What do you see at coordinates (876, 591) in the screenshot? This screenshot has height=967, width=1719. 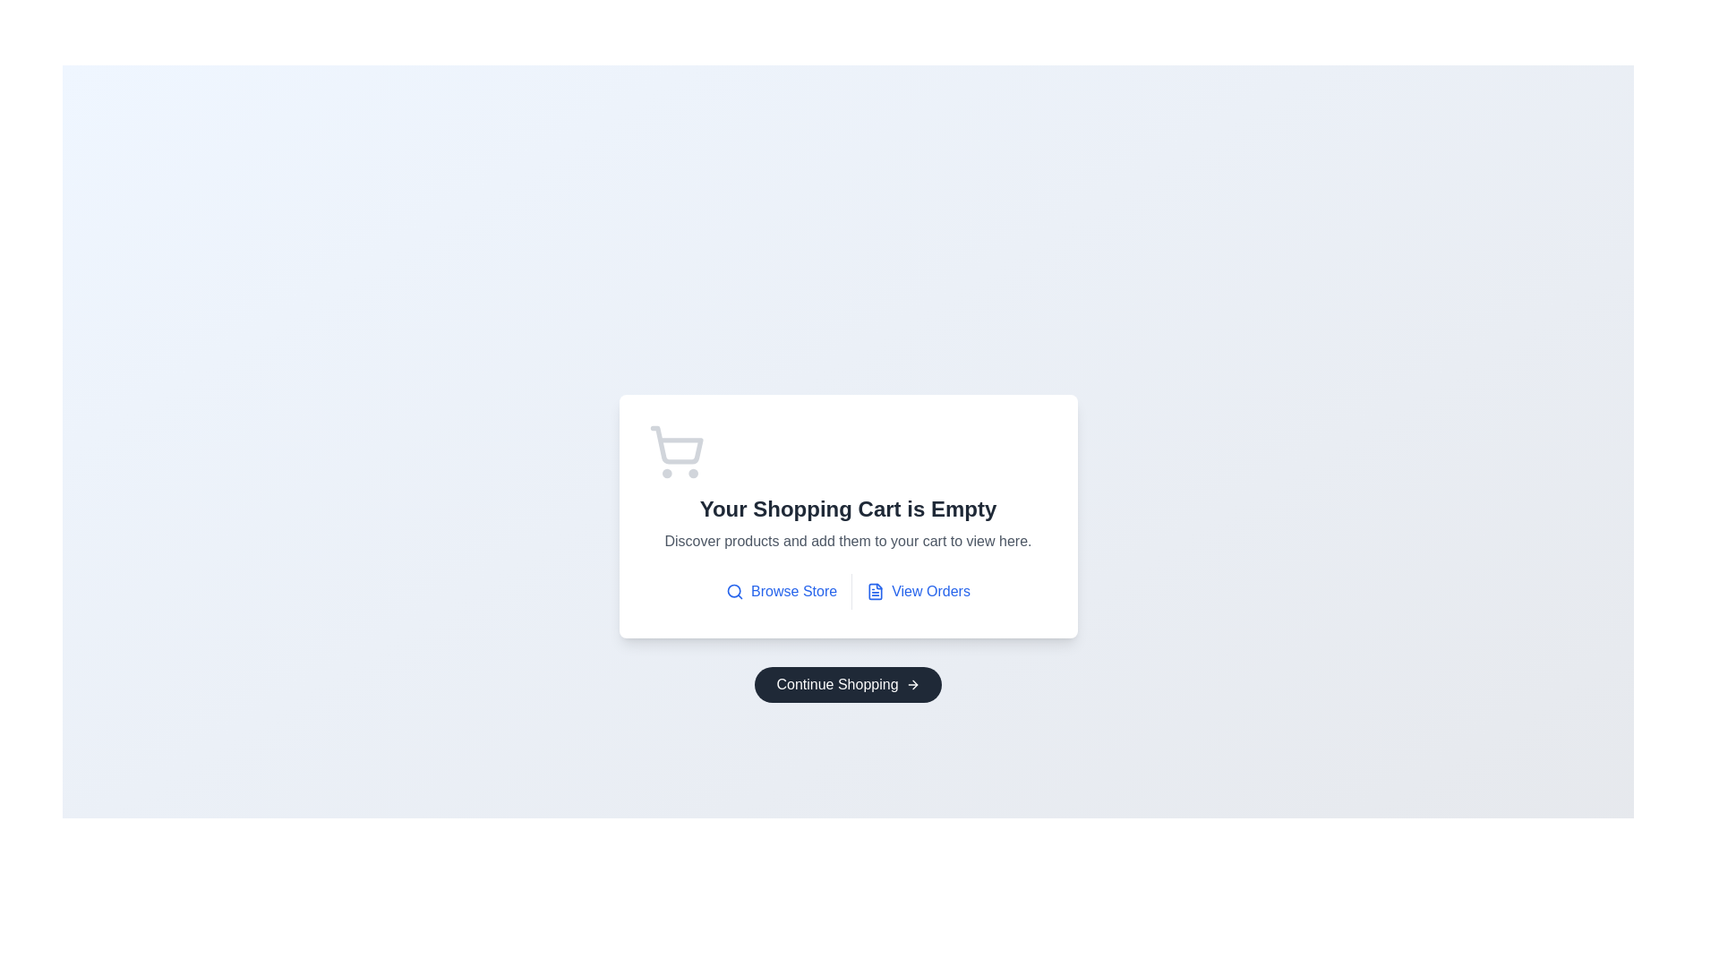 I see `the document icon with a blue outline located to the left of the 'View Orders' button` at bounding box center [876, 591].